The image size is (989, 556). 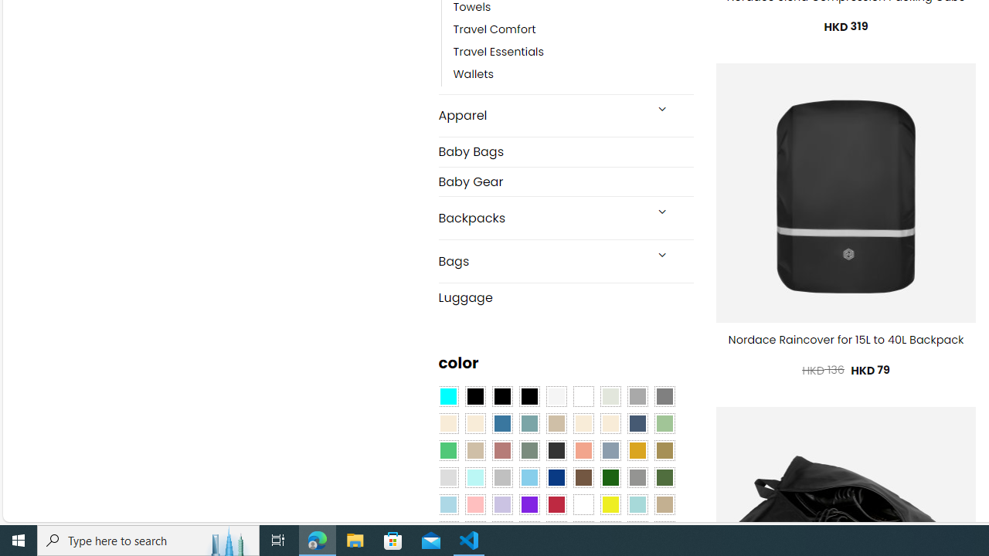 What do you see at coordinates (447, 504) in the screenshot?
I see `'Light Blue'` at bounding box center [447, 504].